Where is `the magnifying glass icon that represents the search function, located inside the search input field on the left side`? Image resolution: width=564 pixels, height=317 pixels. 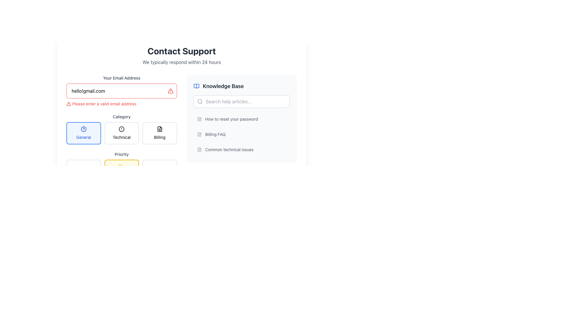 the magnifying glass icon that represents the search function, located inside the search input field on the left side is located at coordinates (200, 101).